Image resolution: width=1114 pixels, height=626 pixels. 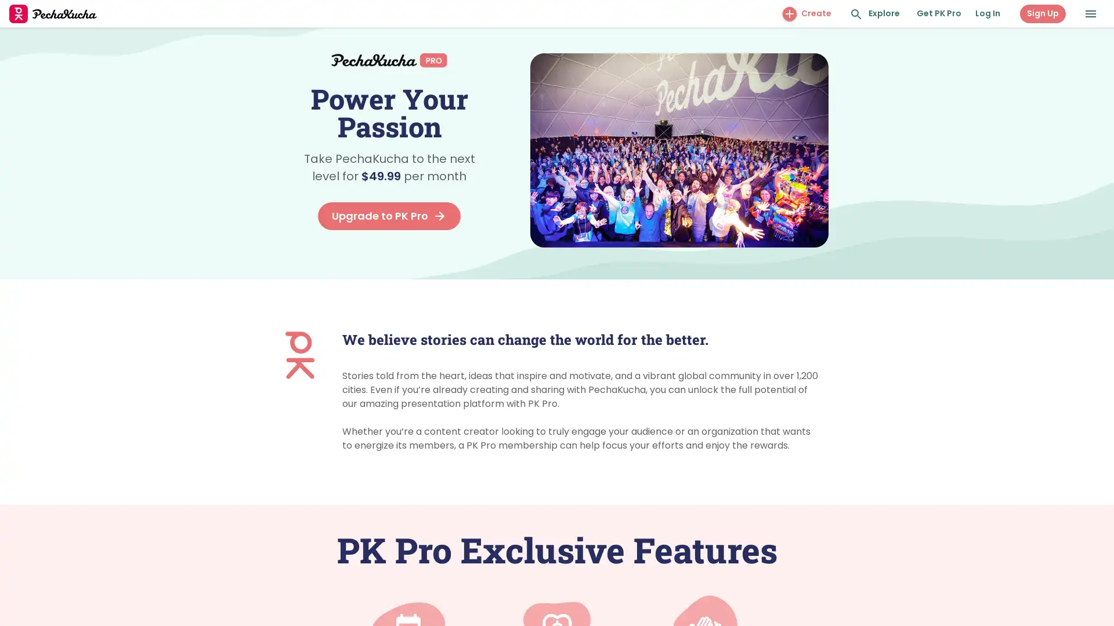 What do you see at coordinates (856, 14) in the screenshot?
I see `Search and Explore` at bounding box center [856, 14].